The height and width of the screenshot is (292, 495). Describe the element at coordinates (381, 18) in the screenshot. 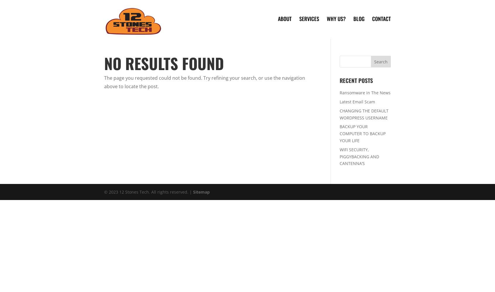

I see `'Contact'` at that location.